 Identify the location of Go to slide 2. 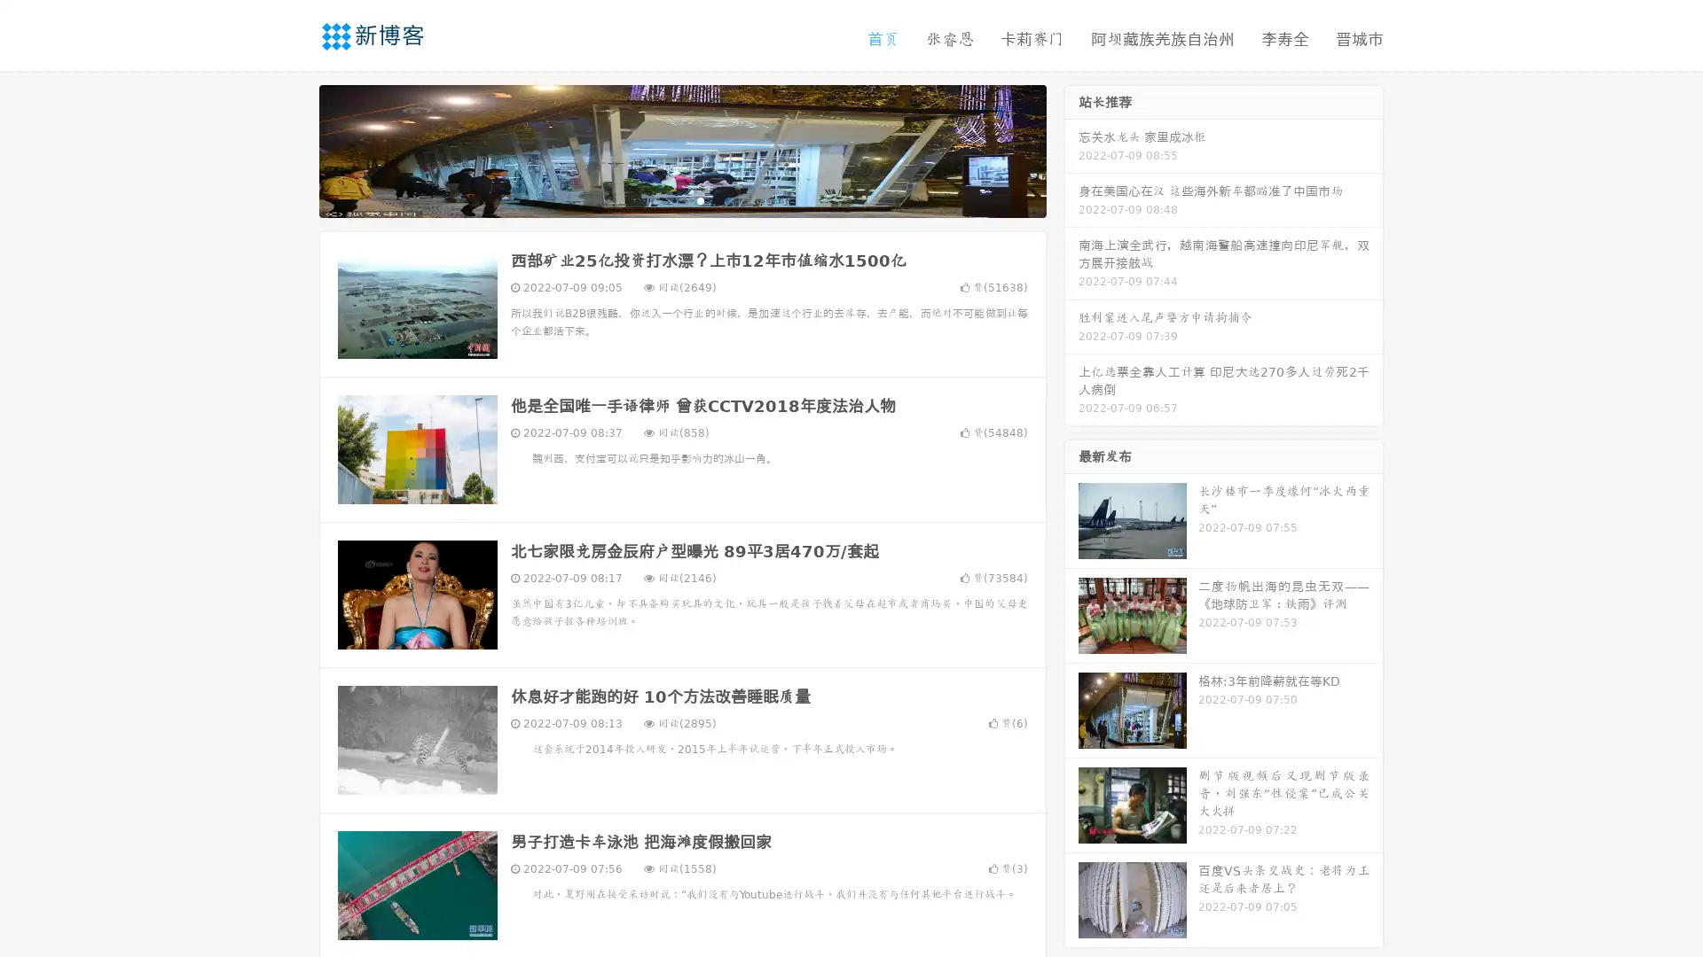
(681, 199).